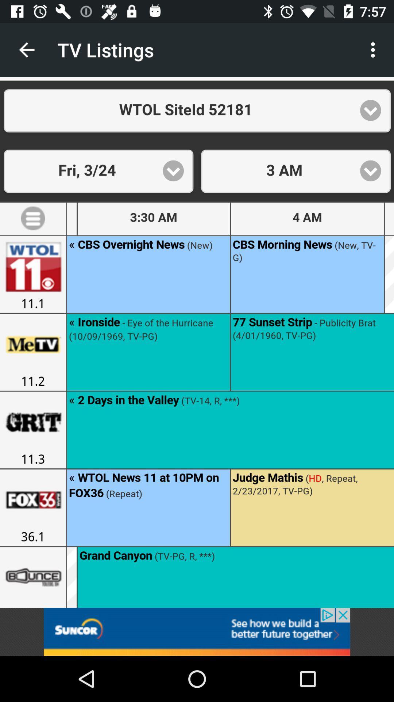 The image size is (394, 702). What do you see at coordinates (197, 631) in the screenshot?
I see `the suncor website` at bounding box center [197, 631].